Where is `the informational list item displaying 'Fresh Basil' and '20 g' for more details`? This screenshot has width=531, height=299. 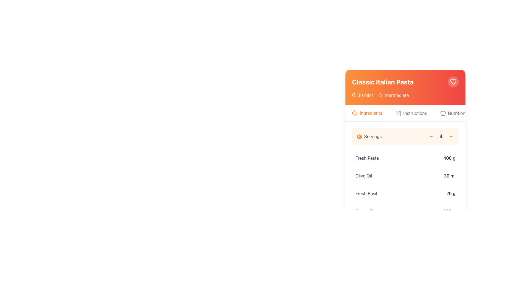 the informational list item displaying 'Fresh Basil' and '20 g' for more details is located at coordinates (405, 193).